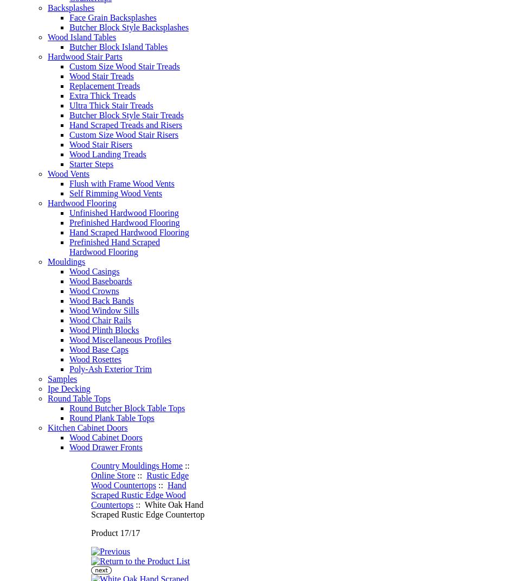  What do you see at coordinates (129, 232) in the screenshot?
I see `'Hand Scraped Hardwood Flooring'` at bounding box center [129, 232].